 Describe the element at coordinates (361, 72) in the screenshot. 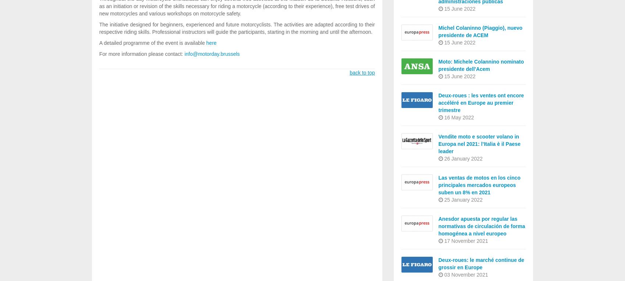

I see `'back to top'` at that location.